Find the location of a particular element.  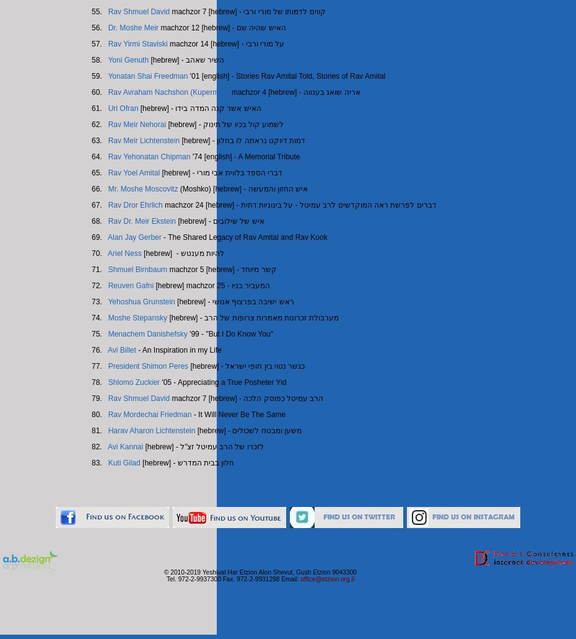

'machzor 5 [hebrew] - קשר מיוחד' is located at coordinates (220, 269).